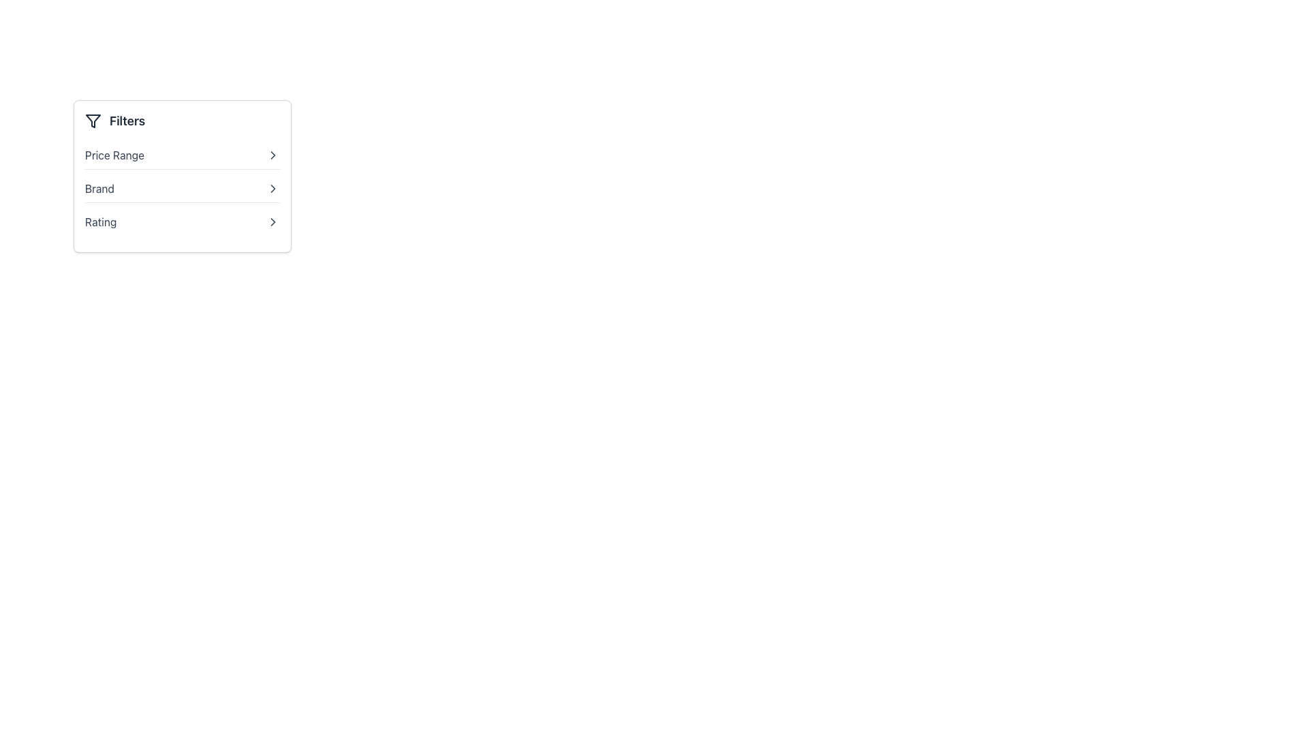  Describe the element at coordinates (272, 221) in the screenshot. I see `the rightward-pointing chevron icon located in the 'Rating' row of the filter options panel` at that location.